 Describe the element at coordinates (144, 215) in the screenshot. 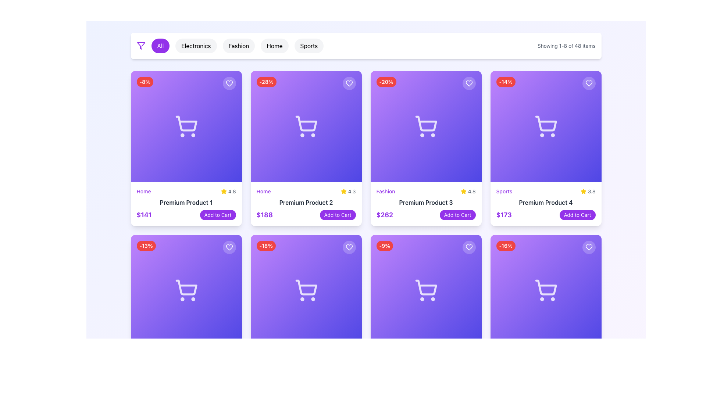

I see `the price label located in the top left corner of the first product card in the grid layout by moving to its center point` at that location.